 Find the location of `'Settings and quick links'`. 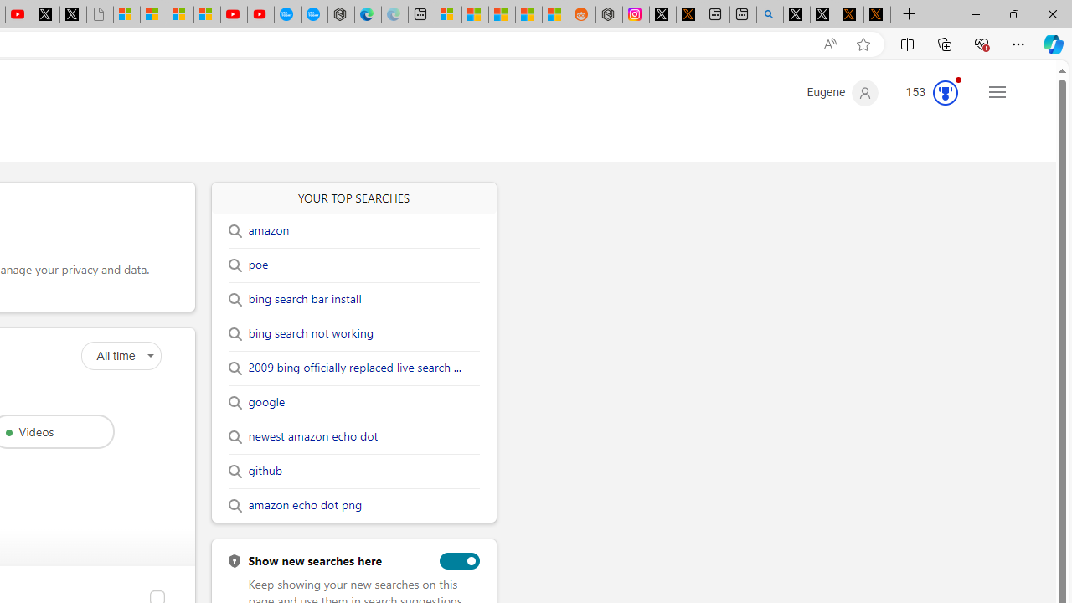

'Settings and quick links' is located at coordinates (997, 91).